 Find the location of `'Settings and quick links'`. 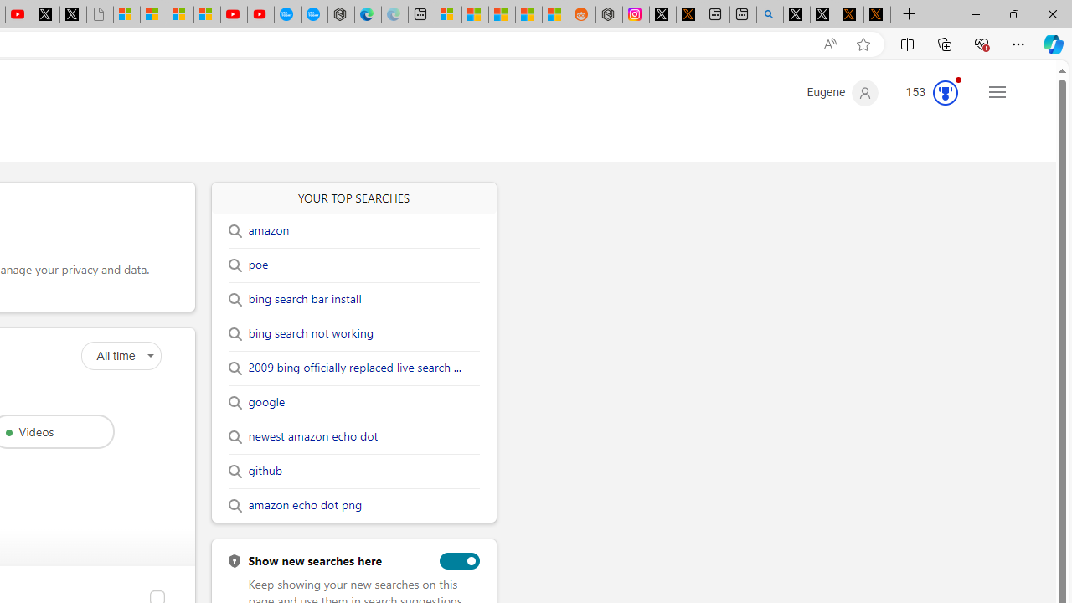

'Settings and quick links' is located at coordinates (997, 91).